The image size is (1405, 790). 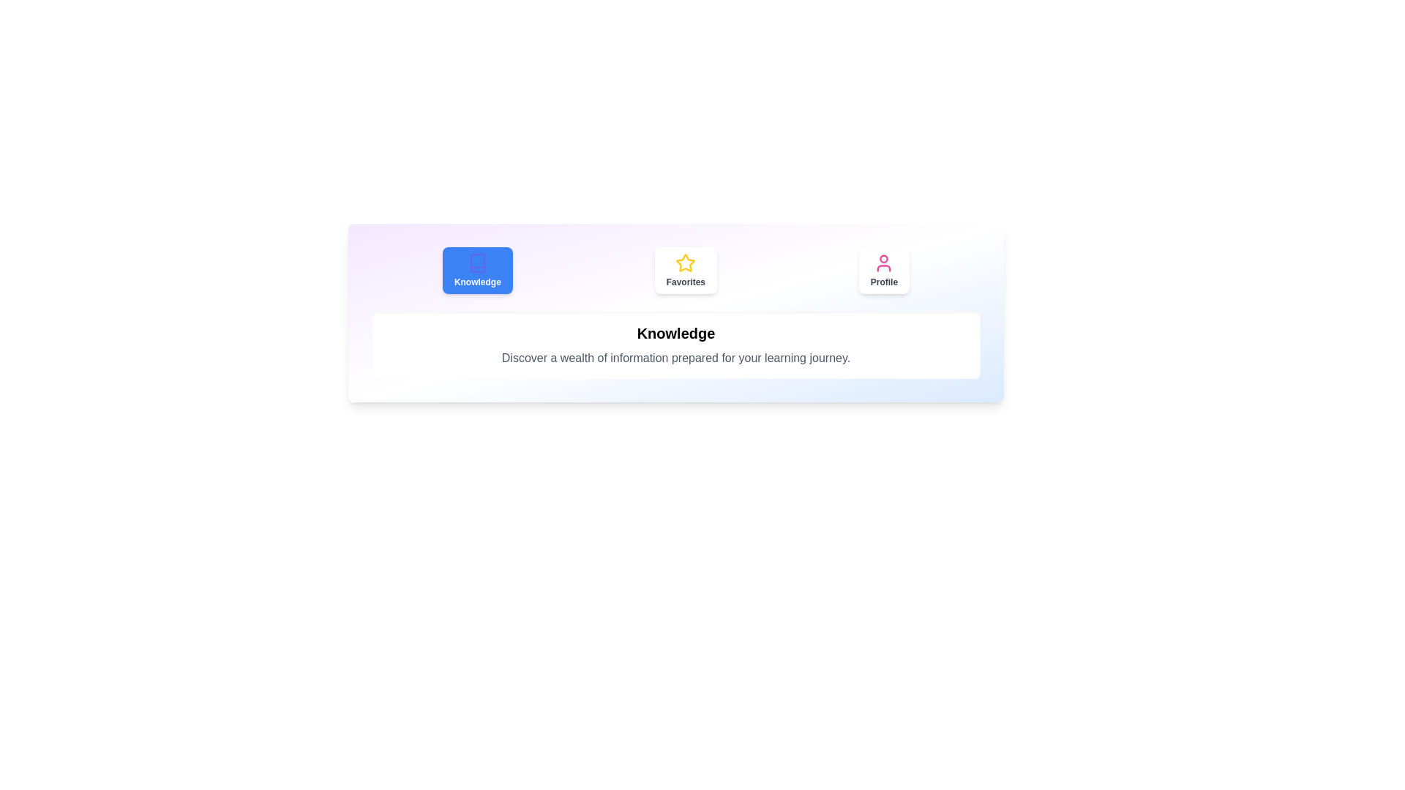 What do you see at coordinates (685, 271) in the screenshot?
I see `the tab corresponding to Favorites to activate it` at bounding box center [685, 271].